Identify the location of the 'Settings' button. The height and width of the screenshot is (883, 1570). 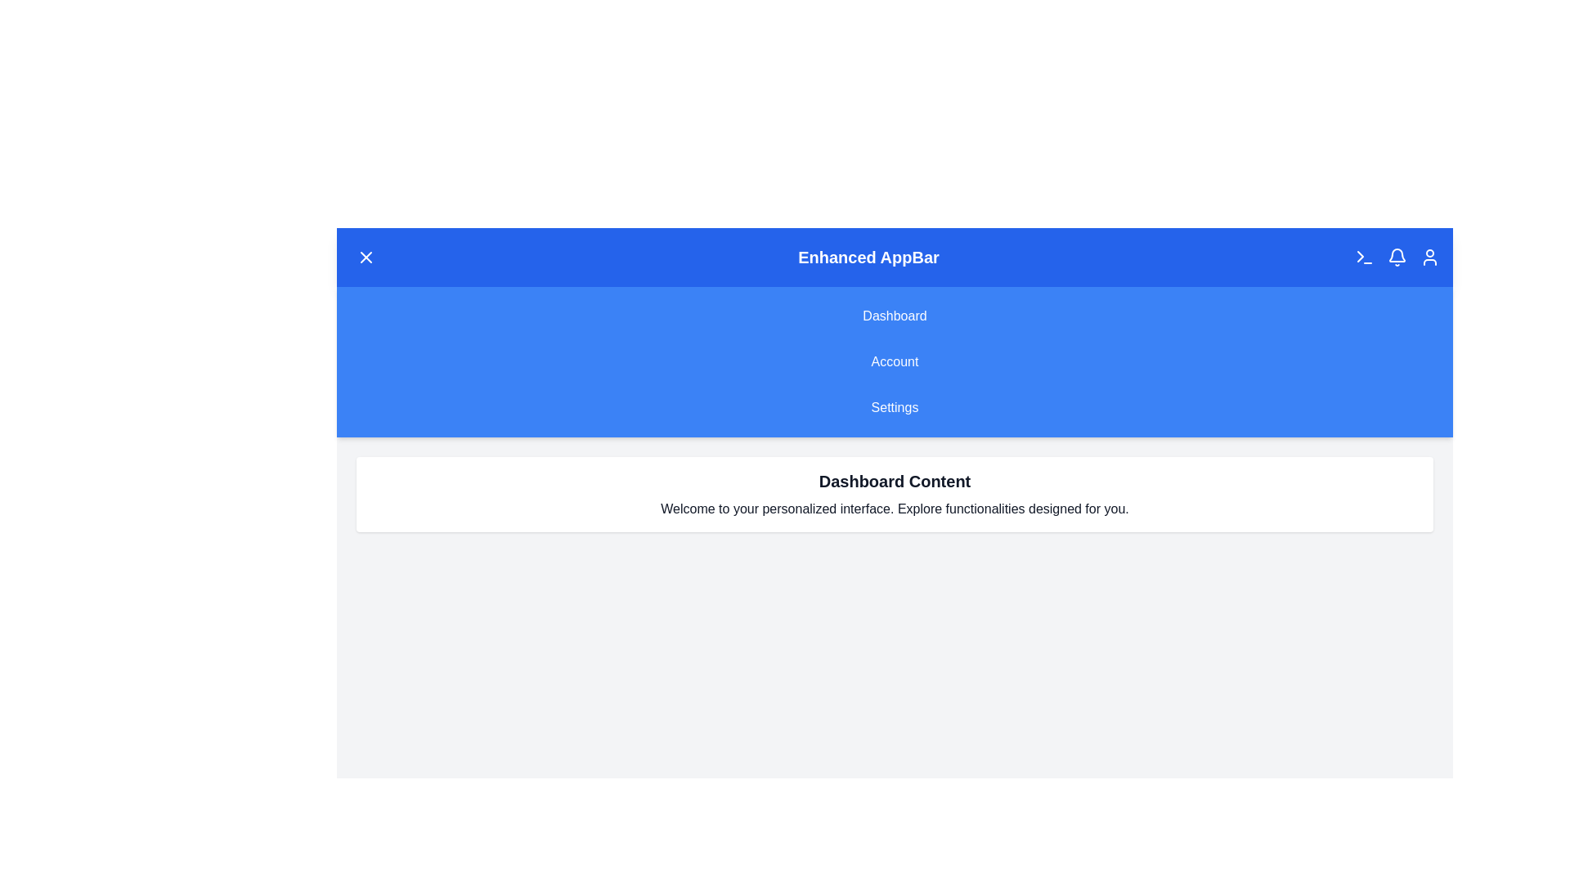
(894, 406).